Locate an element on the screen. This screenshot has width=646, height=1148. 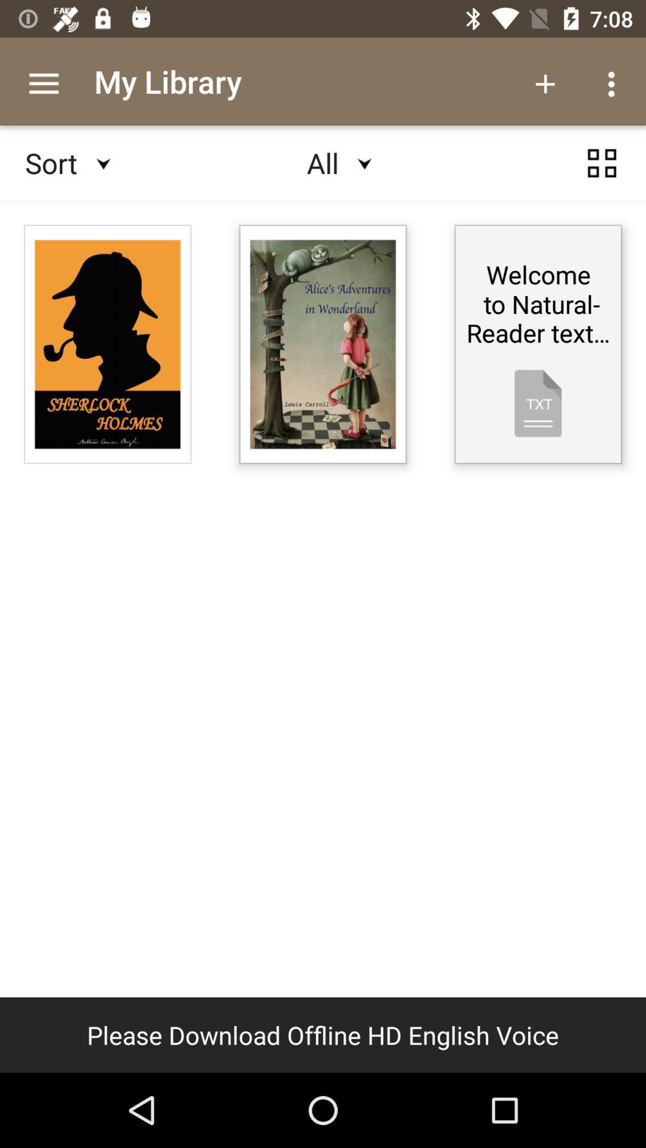
all at the top is located at coordinates (323, 163).